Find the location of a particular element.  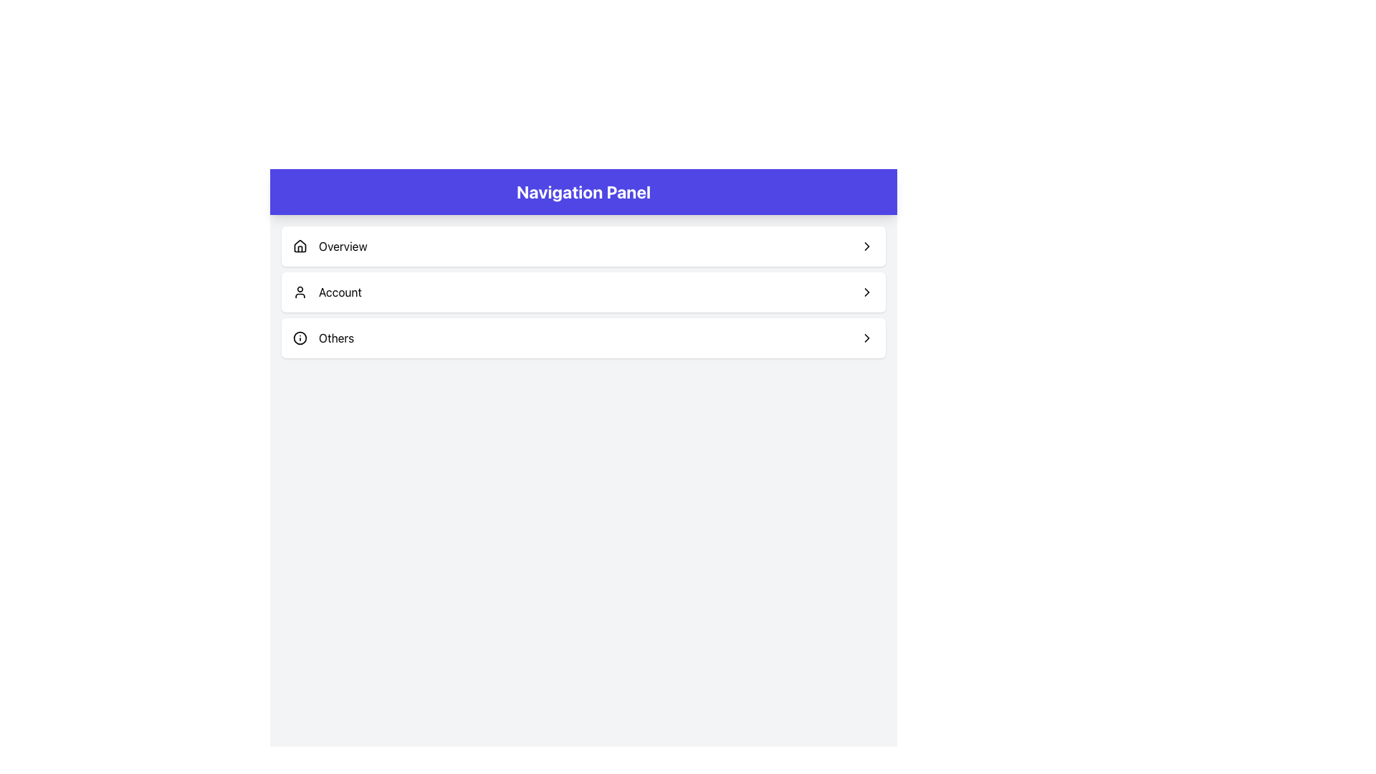

the right-facing chevron icon located at the end of the 'Account' list item is located at coordinates (866, 292).